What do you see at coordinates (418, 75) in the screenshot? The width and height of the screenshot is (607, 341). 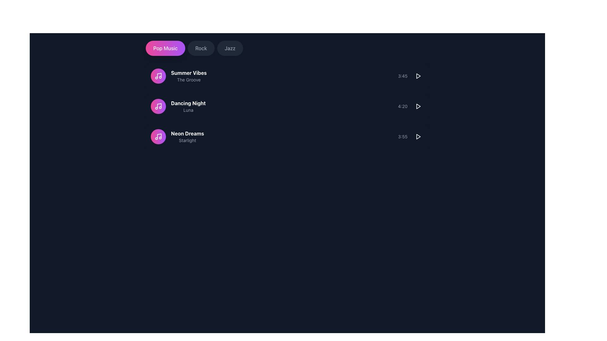 I see `the play button located to the right of the text '3:45' in the uppermost row of the list` at bounding box center [418, 75].